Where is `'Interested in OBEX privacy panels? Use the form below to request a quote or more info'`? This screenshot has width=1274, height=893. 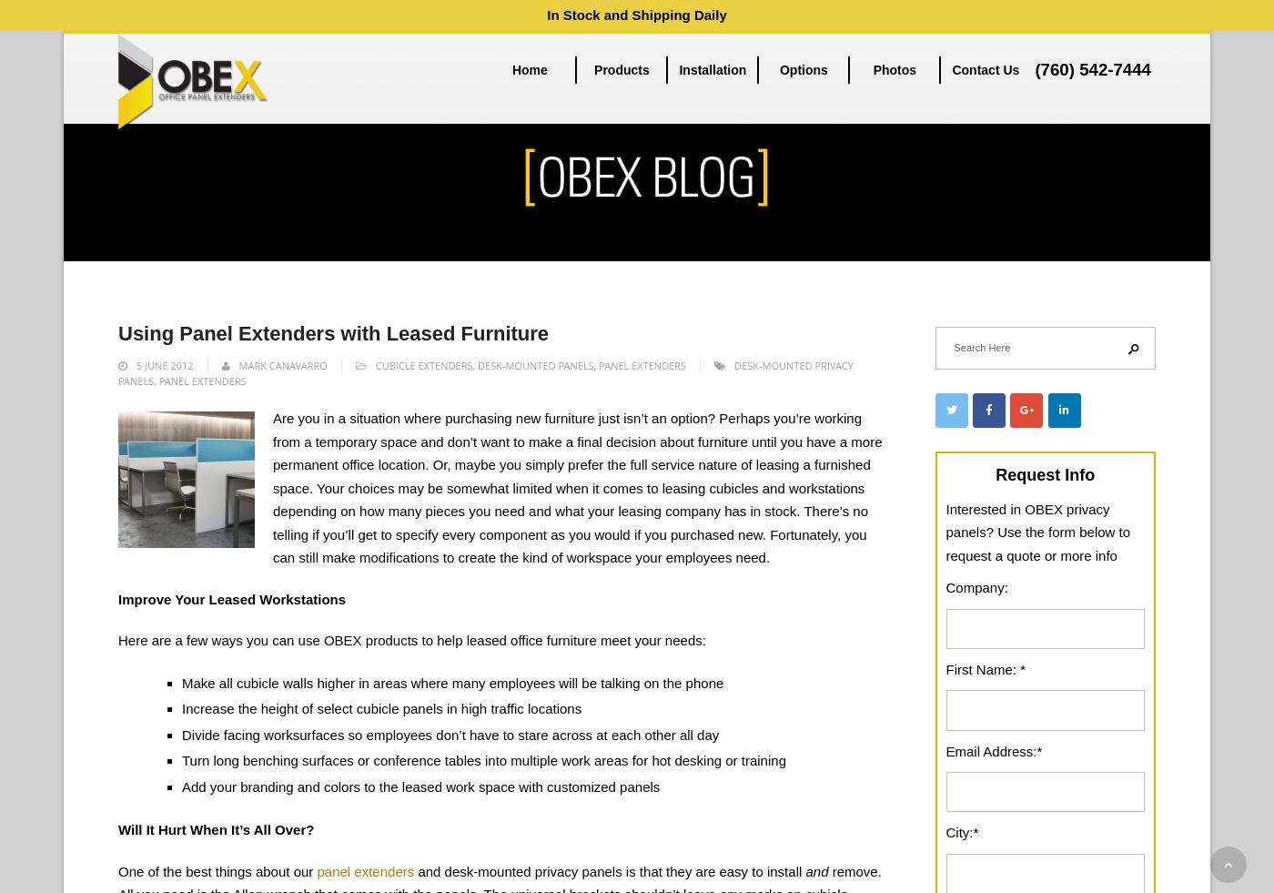
'Interested in OBEX privacy panels? Use the form below to request a quote or more info' is located at coordinates (1037, 531).